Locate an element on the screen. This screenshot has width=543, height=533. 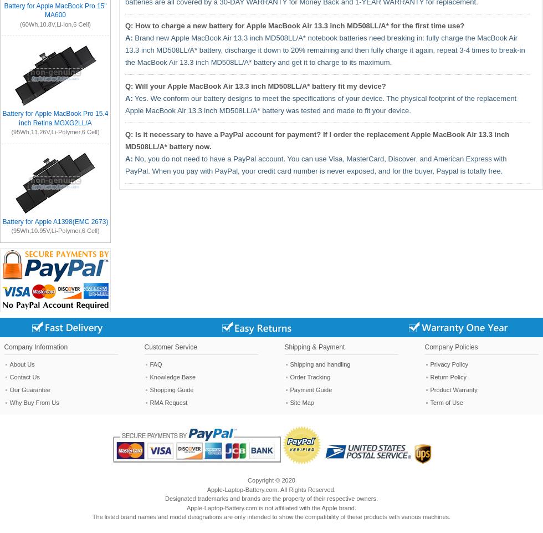
'Battery for Apple MacBook Pro 15" MA600' is located at coordinates (55, 9).